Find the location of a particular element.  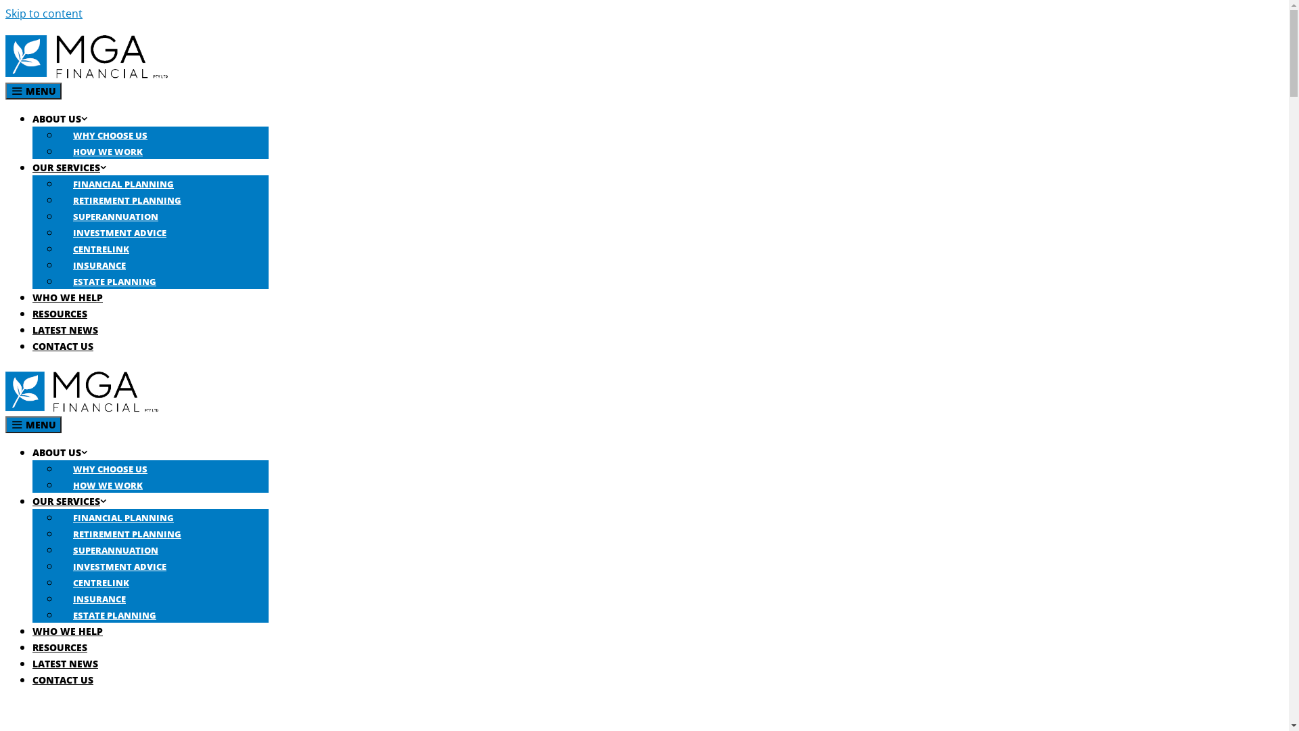

'FINANCIAL PLANNING' is located at coordinates (123, 184).